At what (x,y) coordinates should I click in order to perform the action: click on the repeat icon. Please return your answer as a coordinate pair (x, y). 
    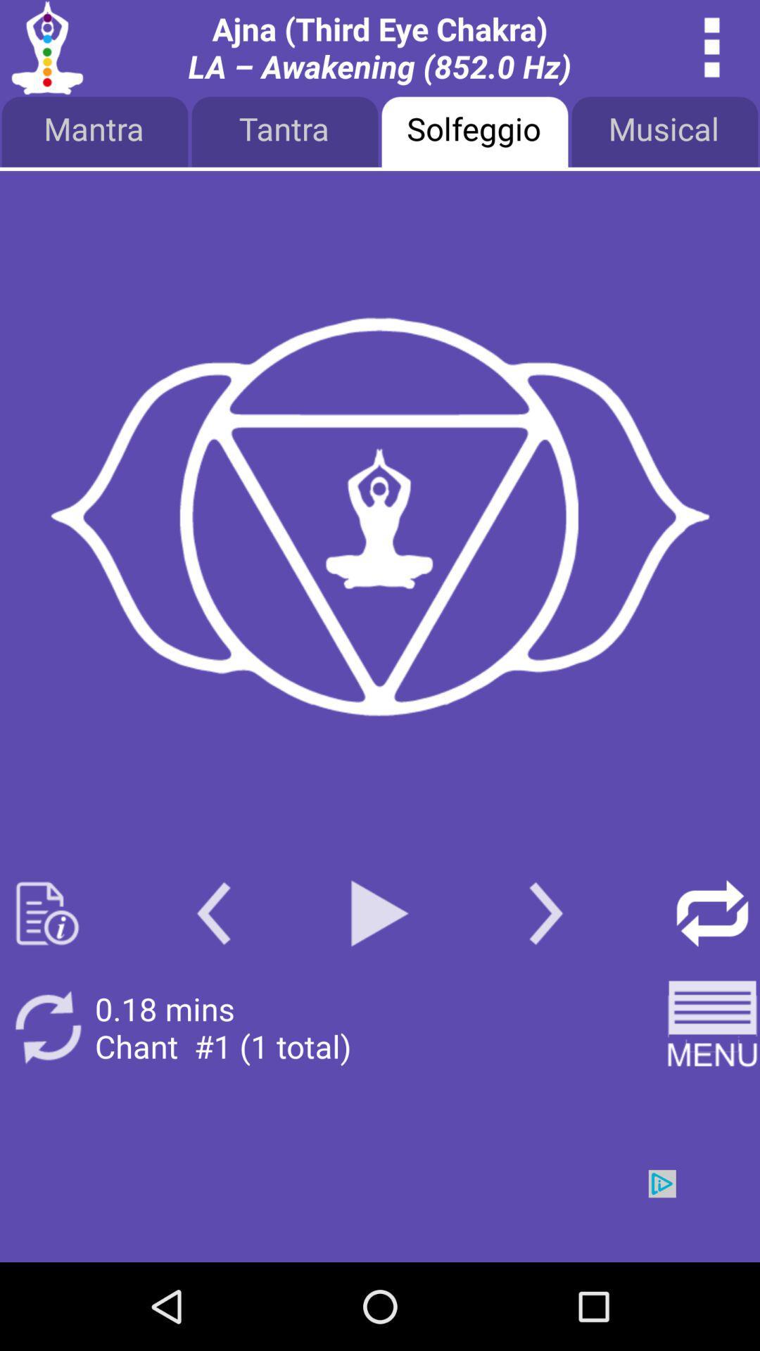
    Looking at the image, I should click on (712, 977).